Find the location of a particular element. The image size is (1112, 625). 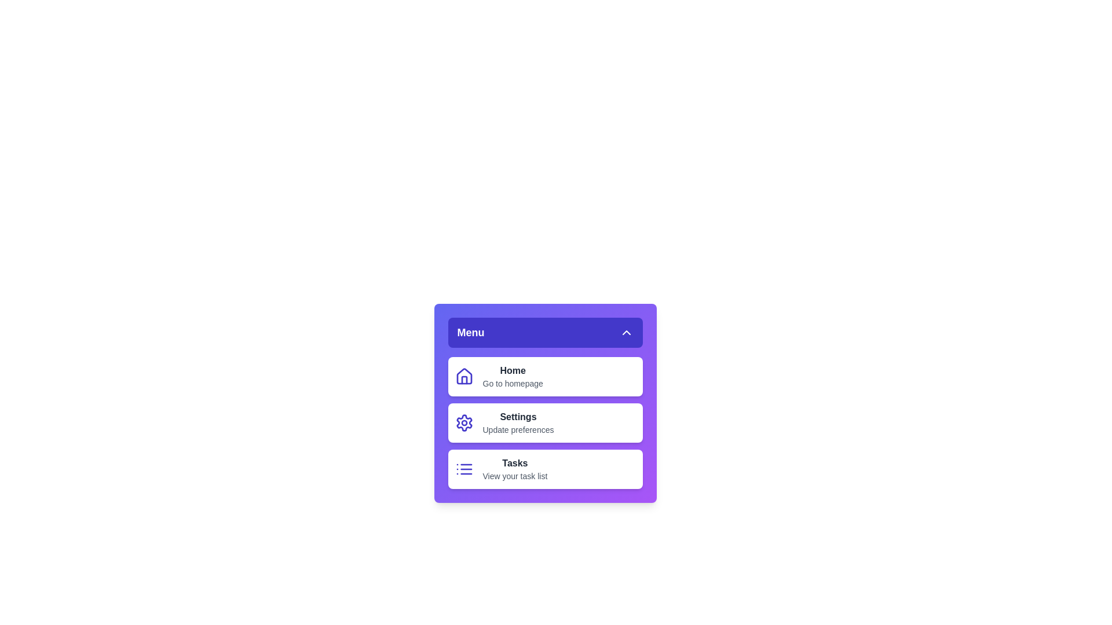

the 'Tasks' menu item to select it is located at coordinates (544, 469).